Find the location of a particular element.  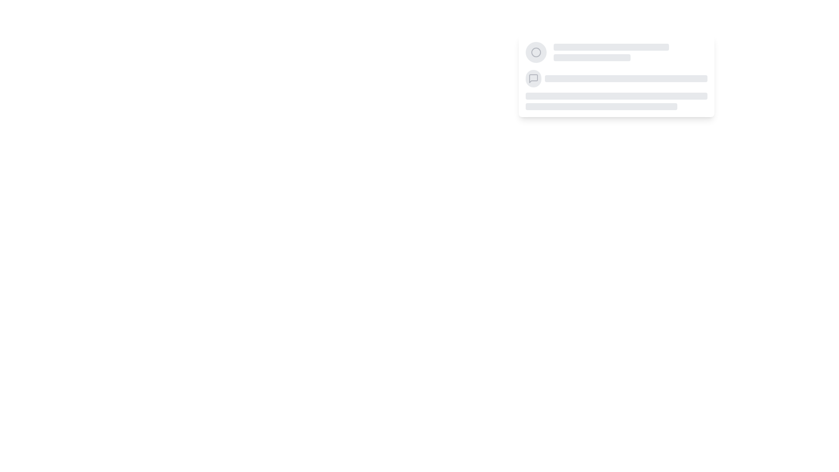

the comments or messages icon located in the upper-right portion of the card interface is located at coordinates (533, 79).